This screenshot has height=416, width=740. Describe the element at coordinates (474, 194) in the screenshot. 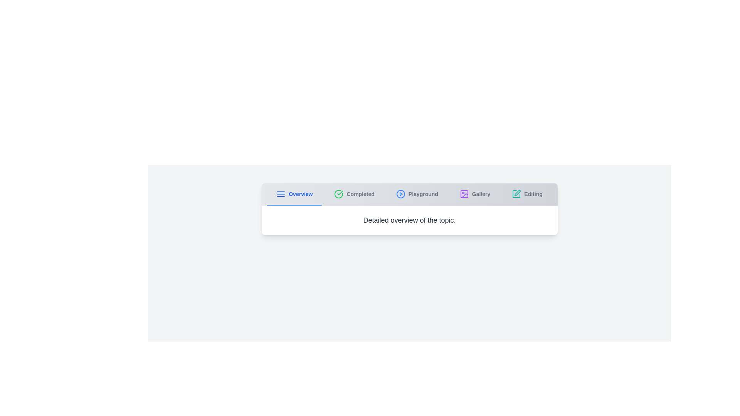

I see `the tab labeled 'Gallery' to view its content` at that location.